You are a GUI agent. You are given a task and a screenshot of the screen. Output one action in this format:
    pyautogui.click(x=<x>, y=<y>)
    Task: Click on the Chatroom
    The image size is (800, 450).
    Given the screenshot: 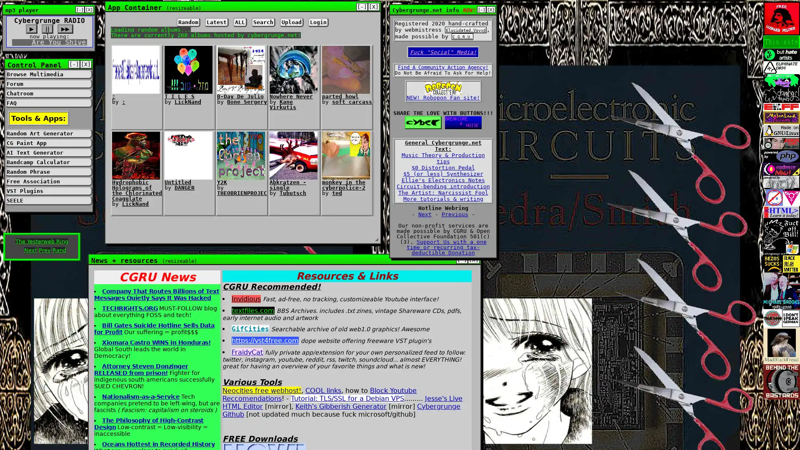 What is the action you would take?
    pyautogui.click(x=48, y=93)
    